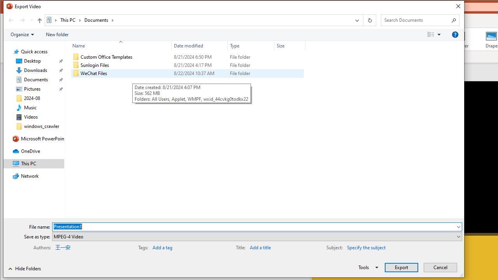 The height and width of the screenshot is (280, 498). I want to click on 'Forward (Alt + Right Arrow)', so click(23, 19).